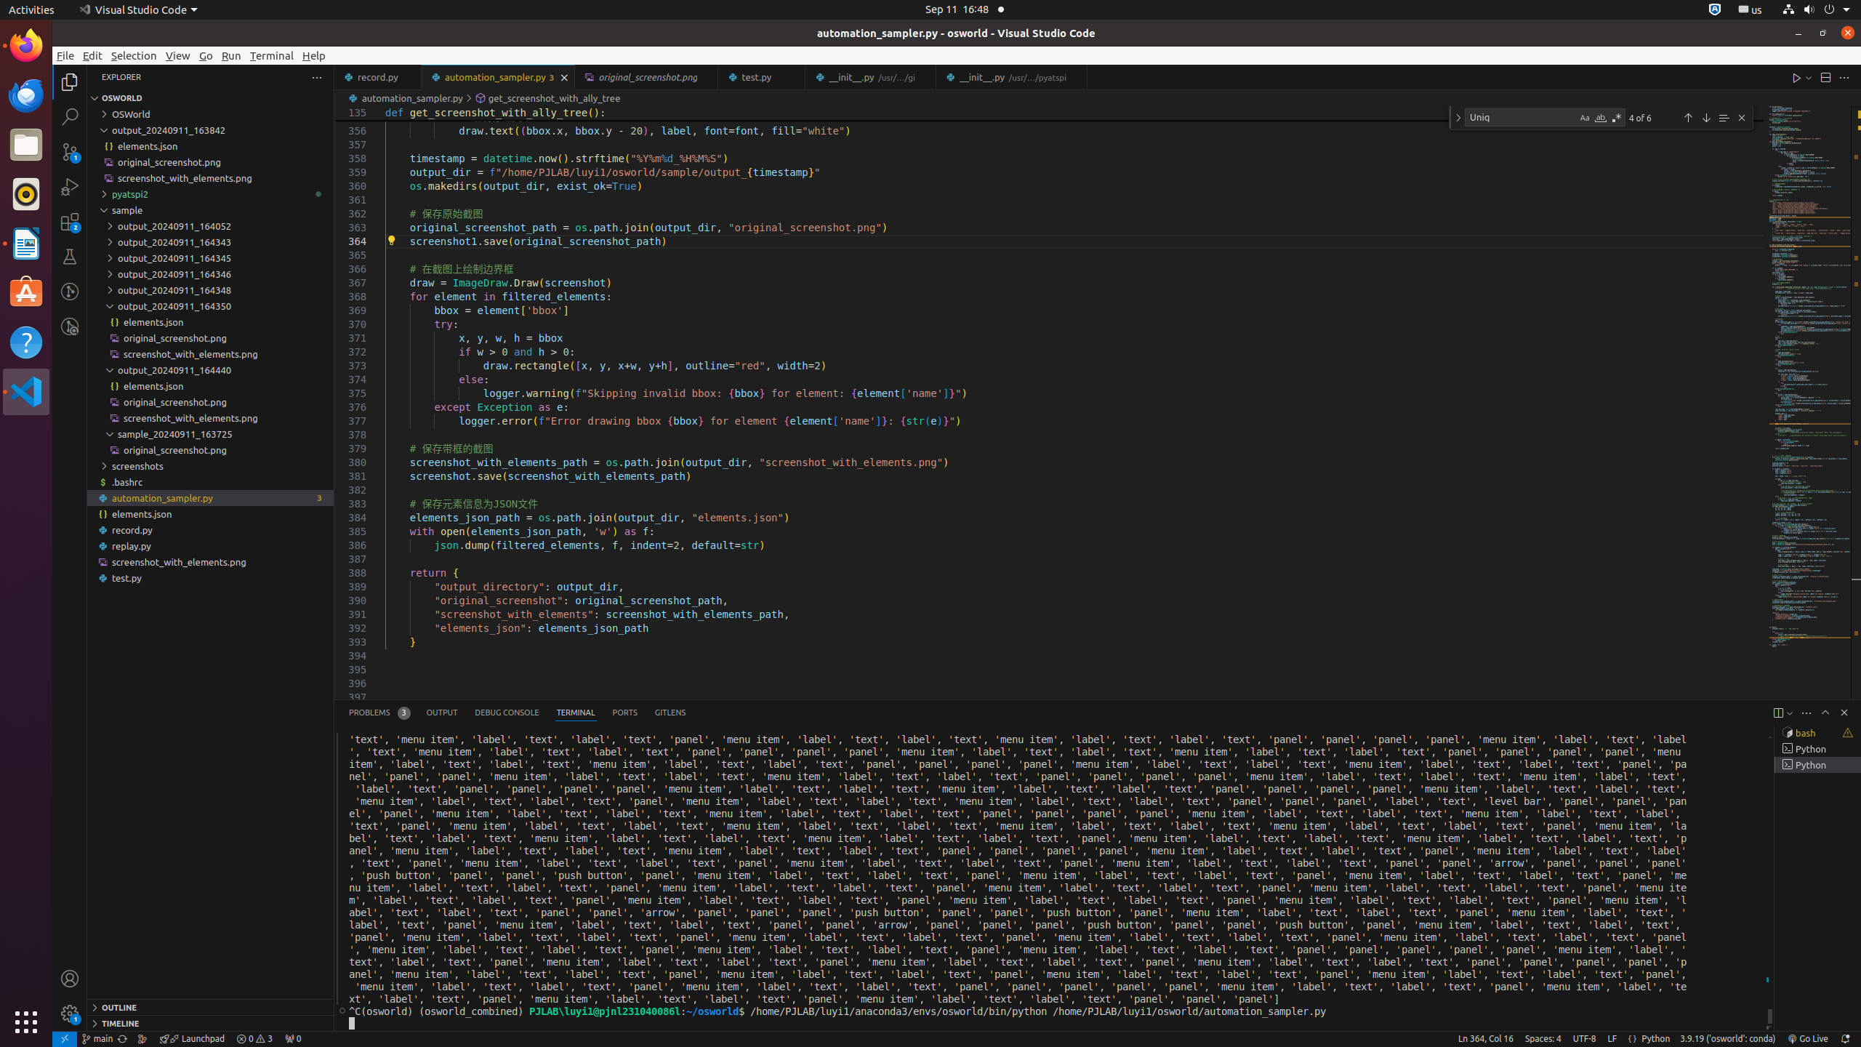 The image size is (1861, 1047). Describe the element at coordinates (575, 713) in the screenshot. I see `'Terminal (Ctrl+`)'` at that location.